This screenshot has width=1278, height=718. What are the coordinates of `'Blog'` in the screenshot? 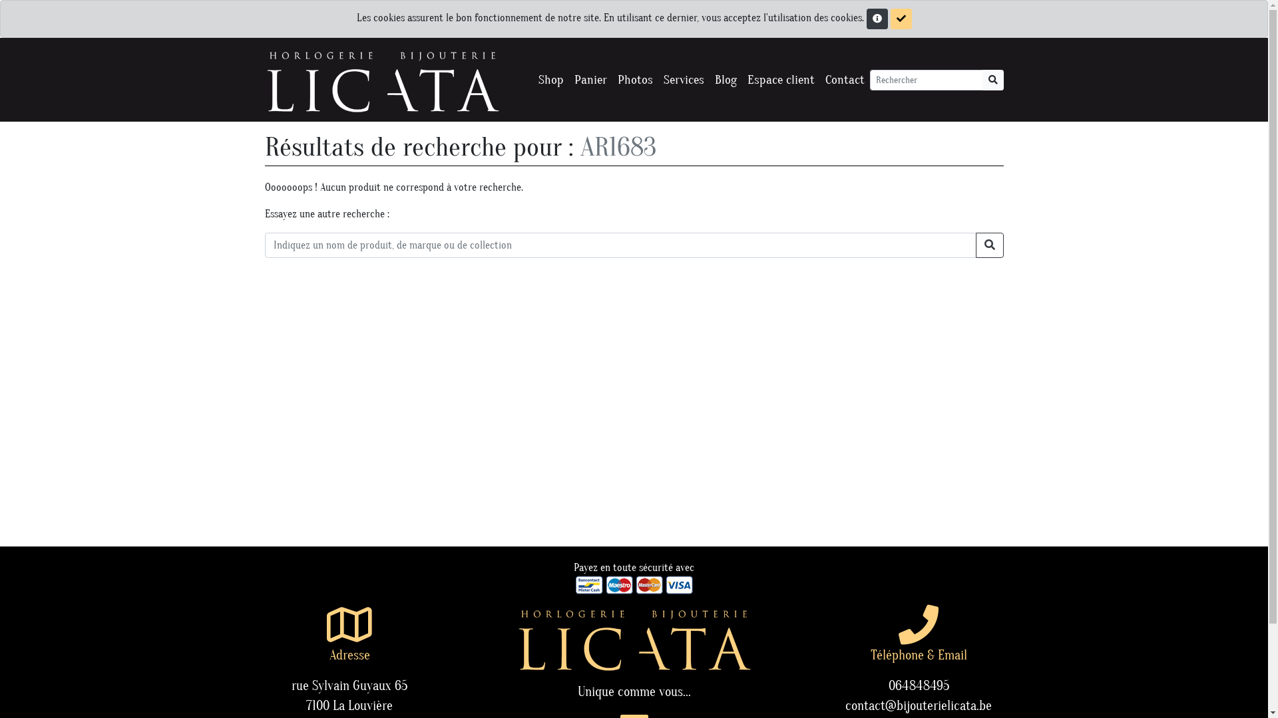 It's located at (725, 80).